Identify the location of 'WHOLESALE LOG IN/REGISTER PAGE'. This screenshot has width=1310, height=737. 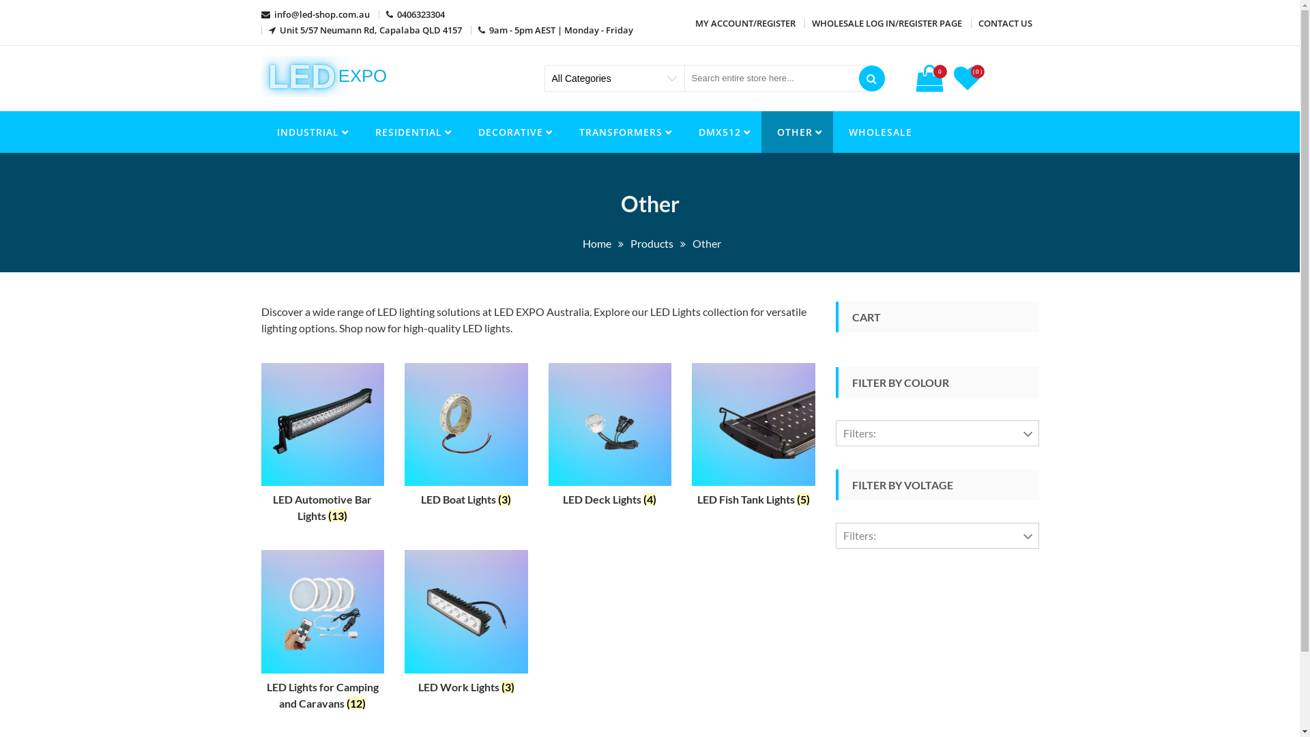
(887, 23).